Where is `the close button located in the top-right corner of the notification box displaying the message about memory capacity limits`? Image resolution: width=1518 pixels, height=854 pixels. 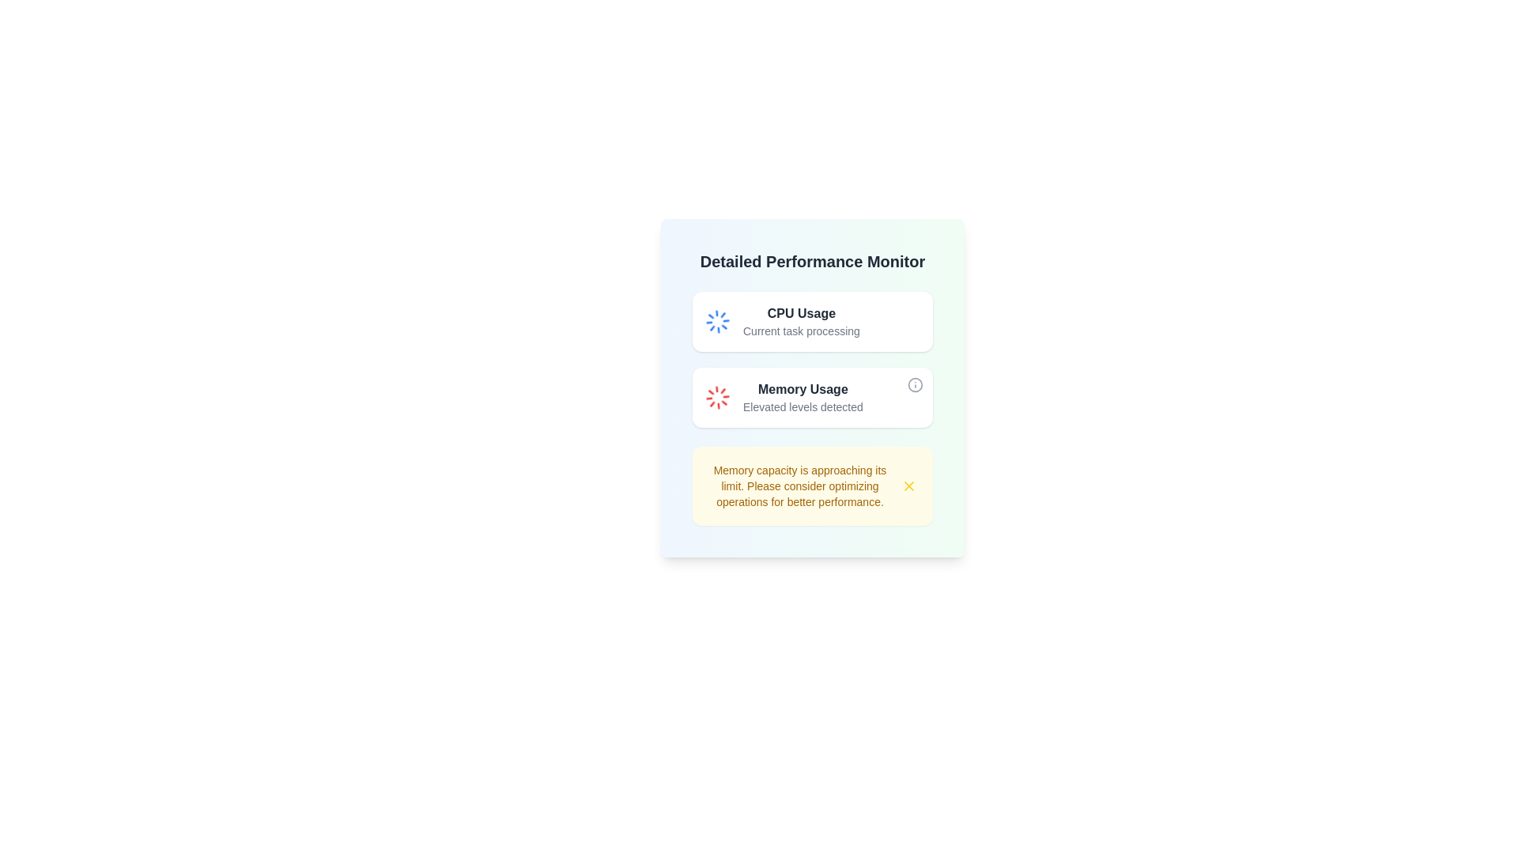
the close button located in the top-right corner of the notification box displaying the message about memory capacity limits is located at coordinates (909, 485).